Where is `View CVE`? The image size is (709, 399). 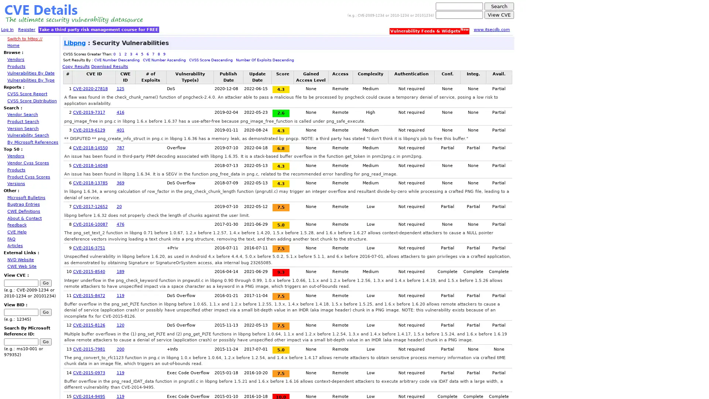 View CVE is located at coordinates (499, 15).